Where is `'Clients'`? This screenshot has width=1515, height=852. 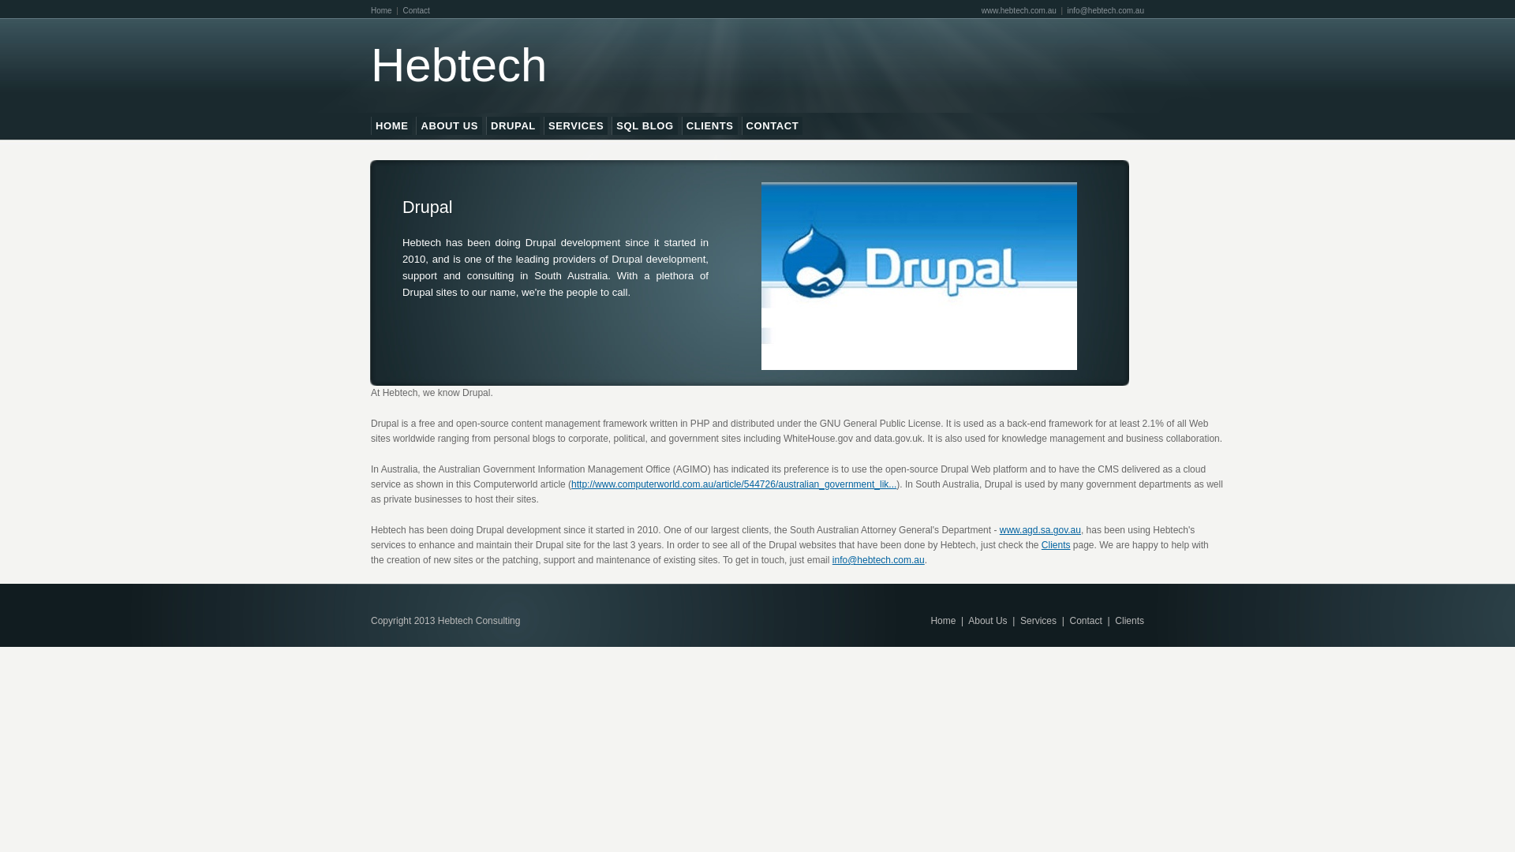
'Clients' is located at coordinates (1128, 619).